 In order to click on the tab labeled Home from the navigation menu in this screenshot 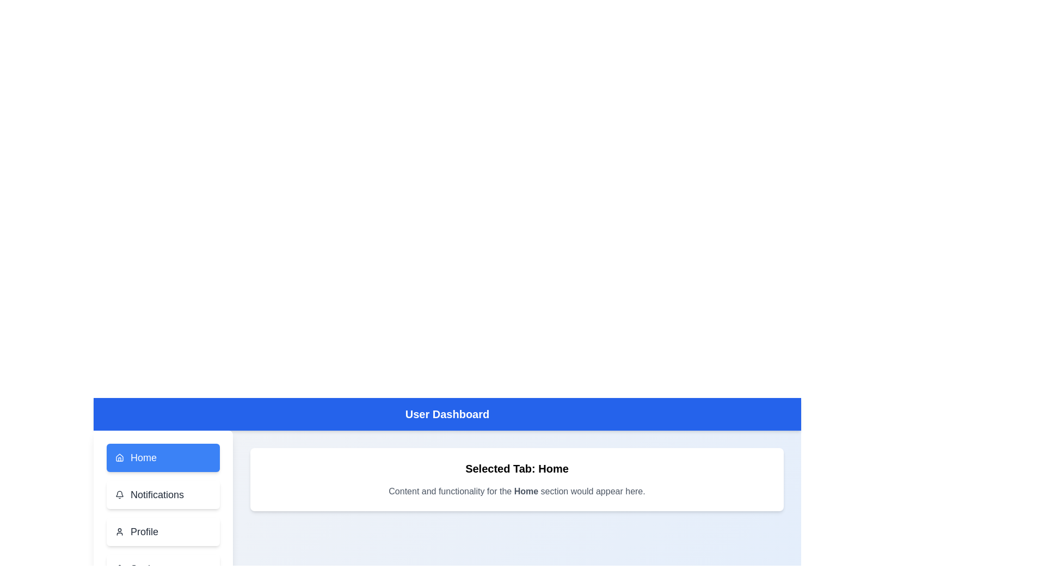, I will do `click(162, 457)`.